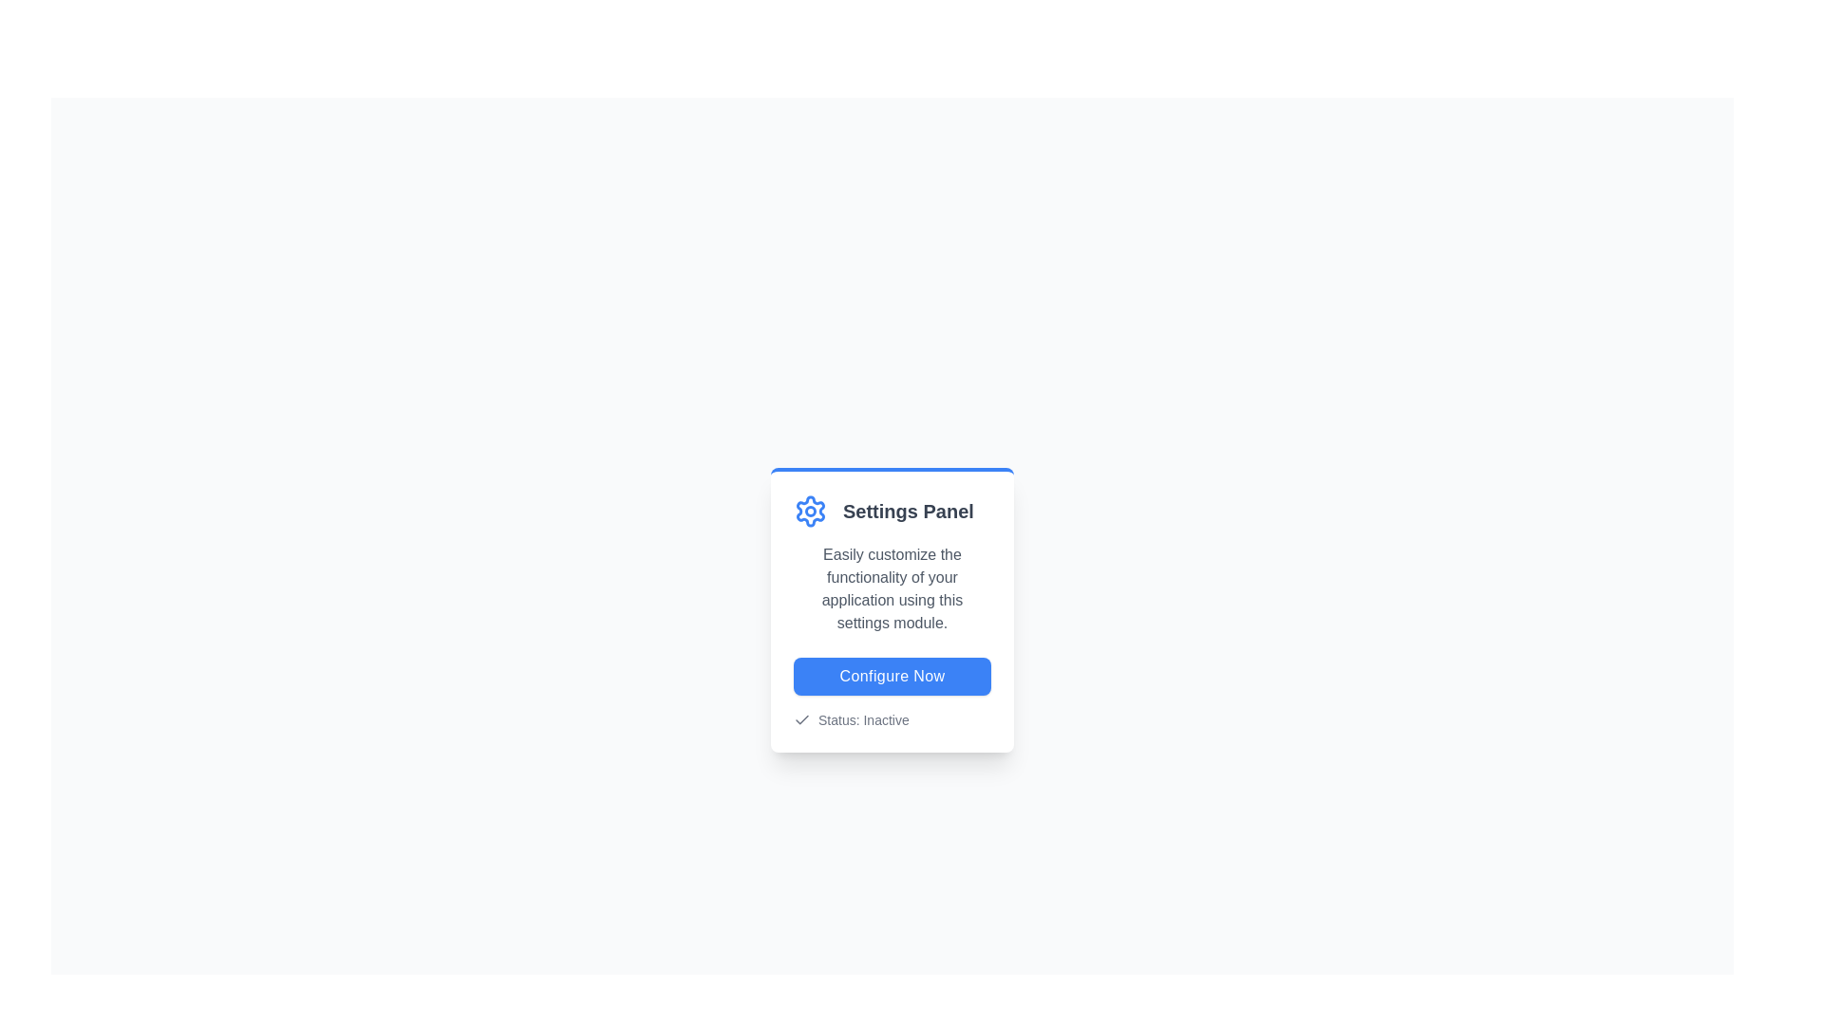 This screenshot has width=1823, height=1025. What do you see at coordinates (811, 511) in the screenshot?
I see `the settings icon located at the top of the white card, which visually represents the 'Settings Panel'` at bounding box center [811, 511].